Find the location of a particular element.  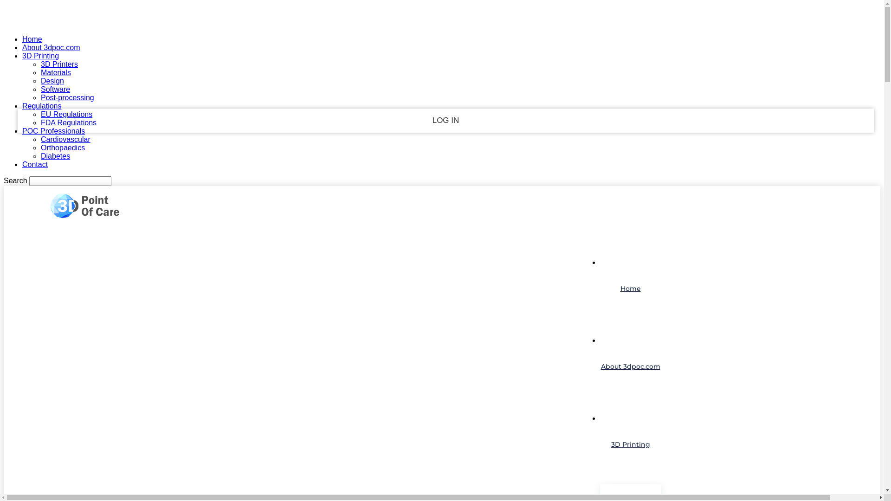

'3D Printing' is located at coordinates (630, 444).